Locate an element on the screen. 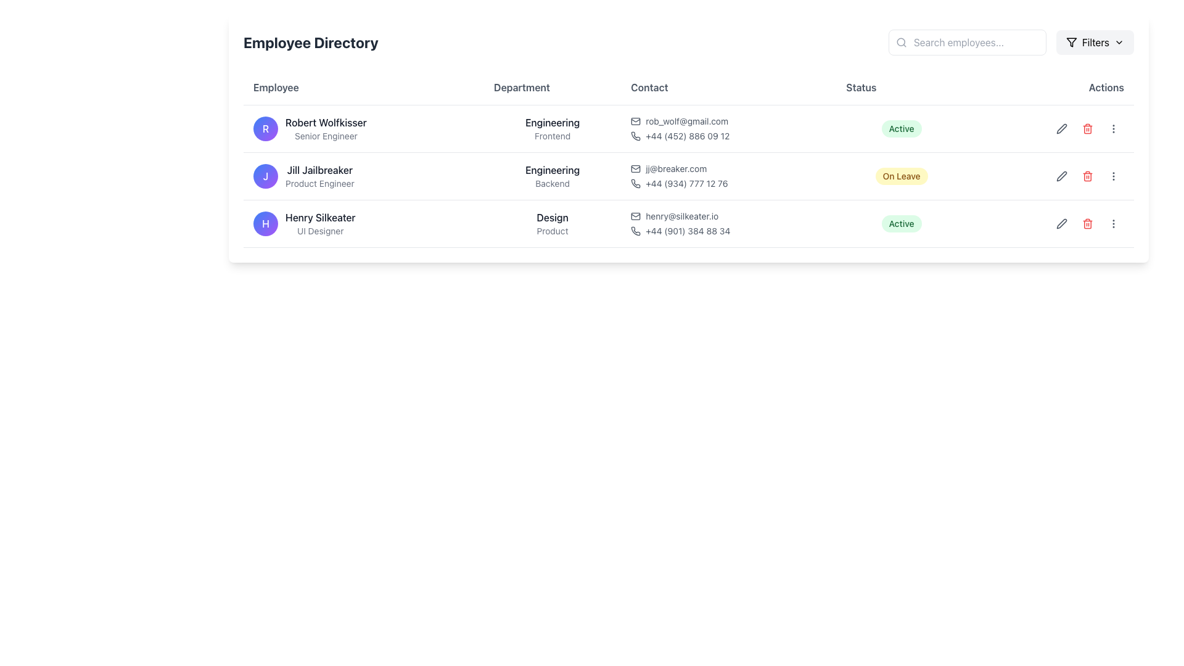 The width and height of the screenshot is (1184, 666). phone icon located in the 'Contact' section of the table, which is positioned to the left of the phone number '+44 (934) 777 12 76' is located at coordinates (636, 183).